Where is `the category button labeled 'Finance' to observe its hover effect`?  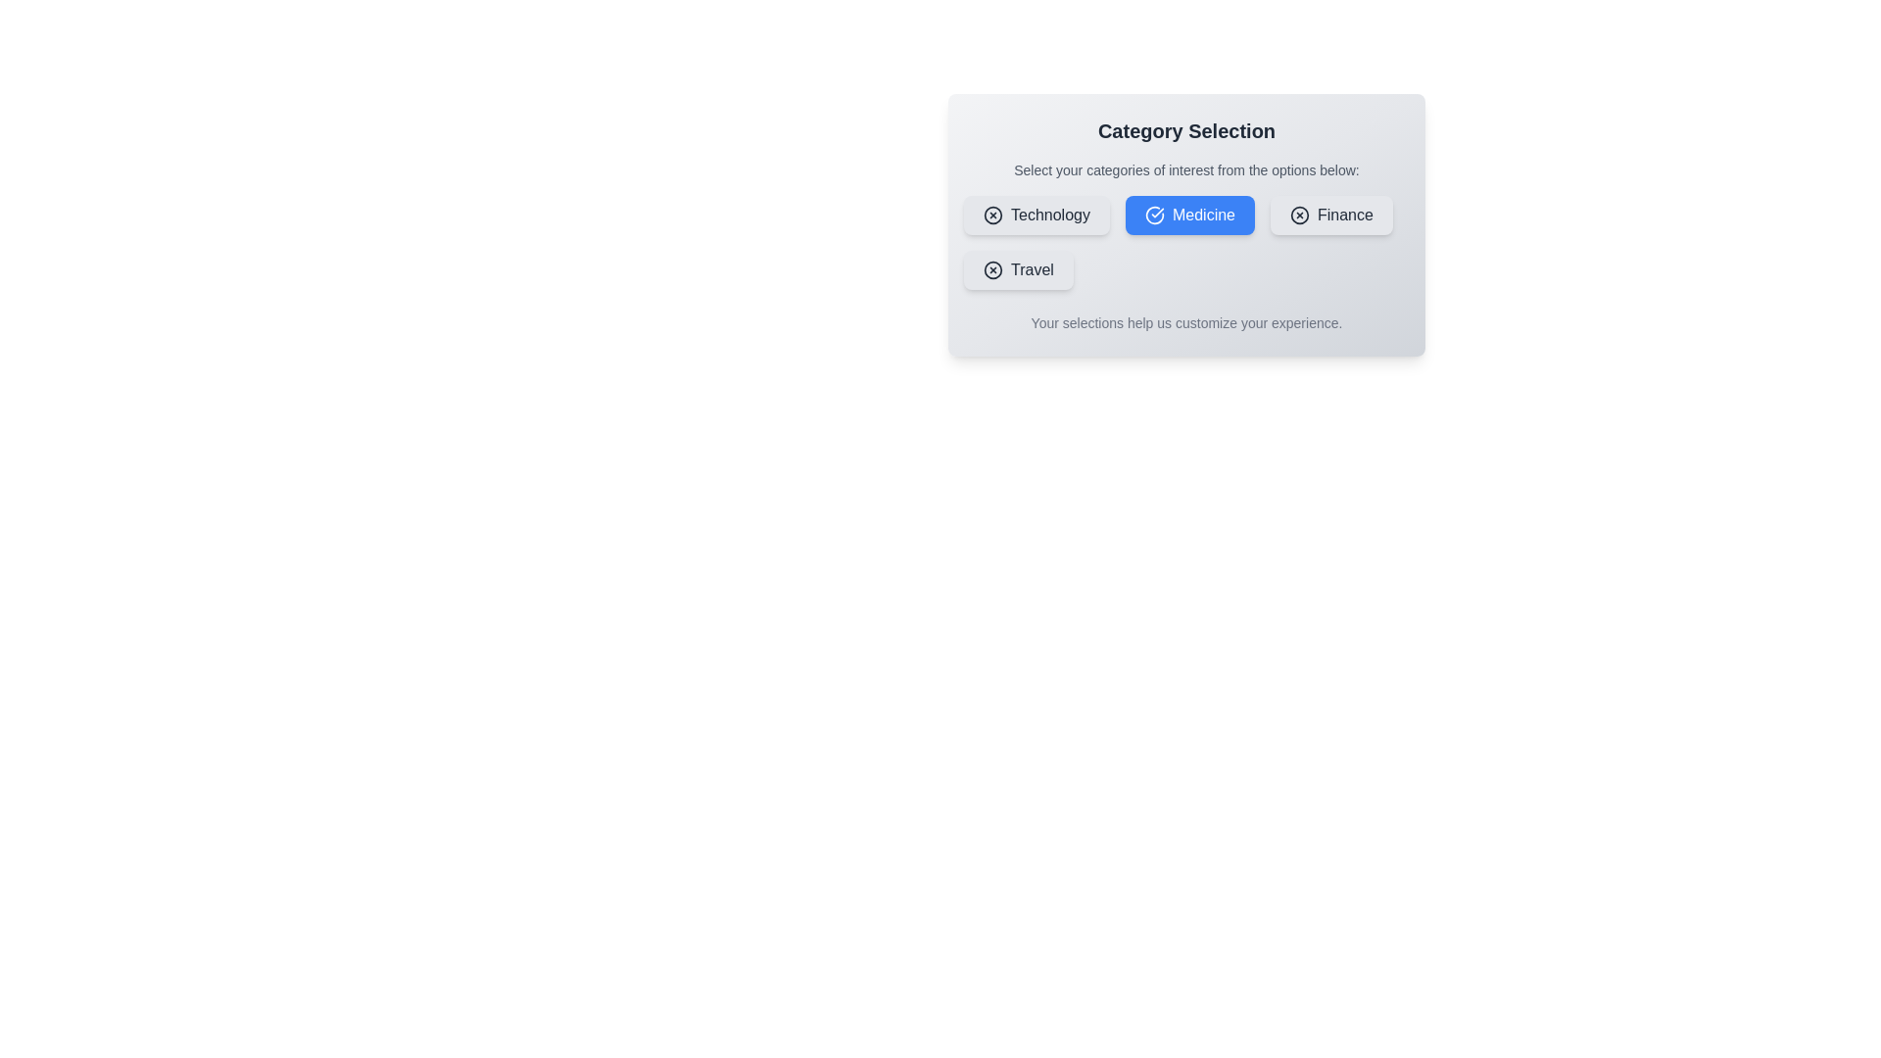 the category button labeled 'Finance' to observe its hover effect is located at coordinates (1330, 215).